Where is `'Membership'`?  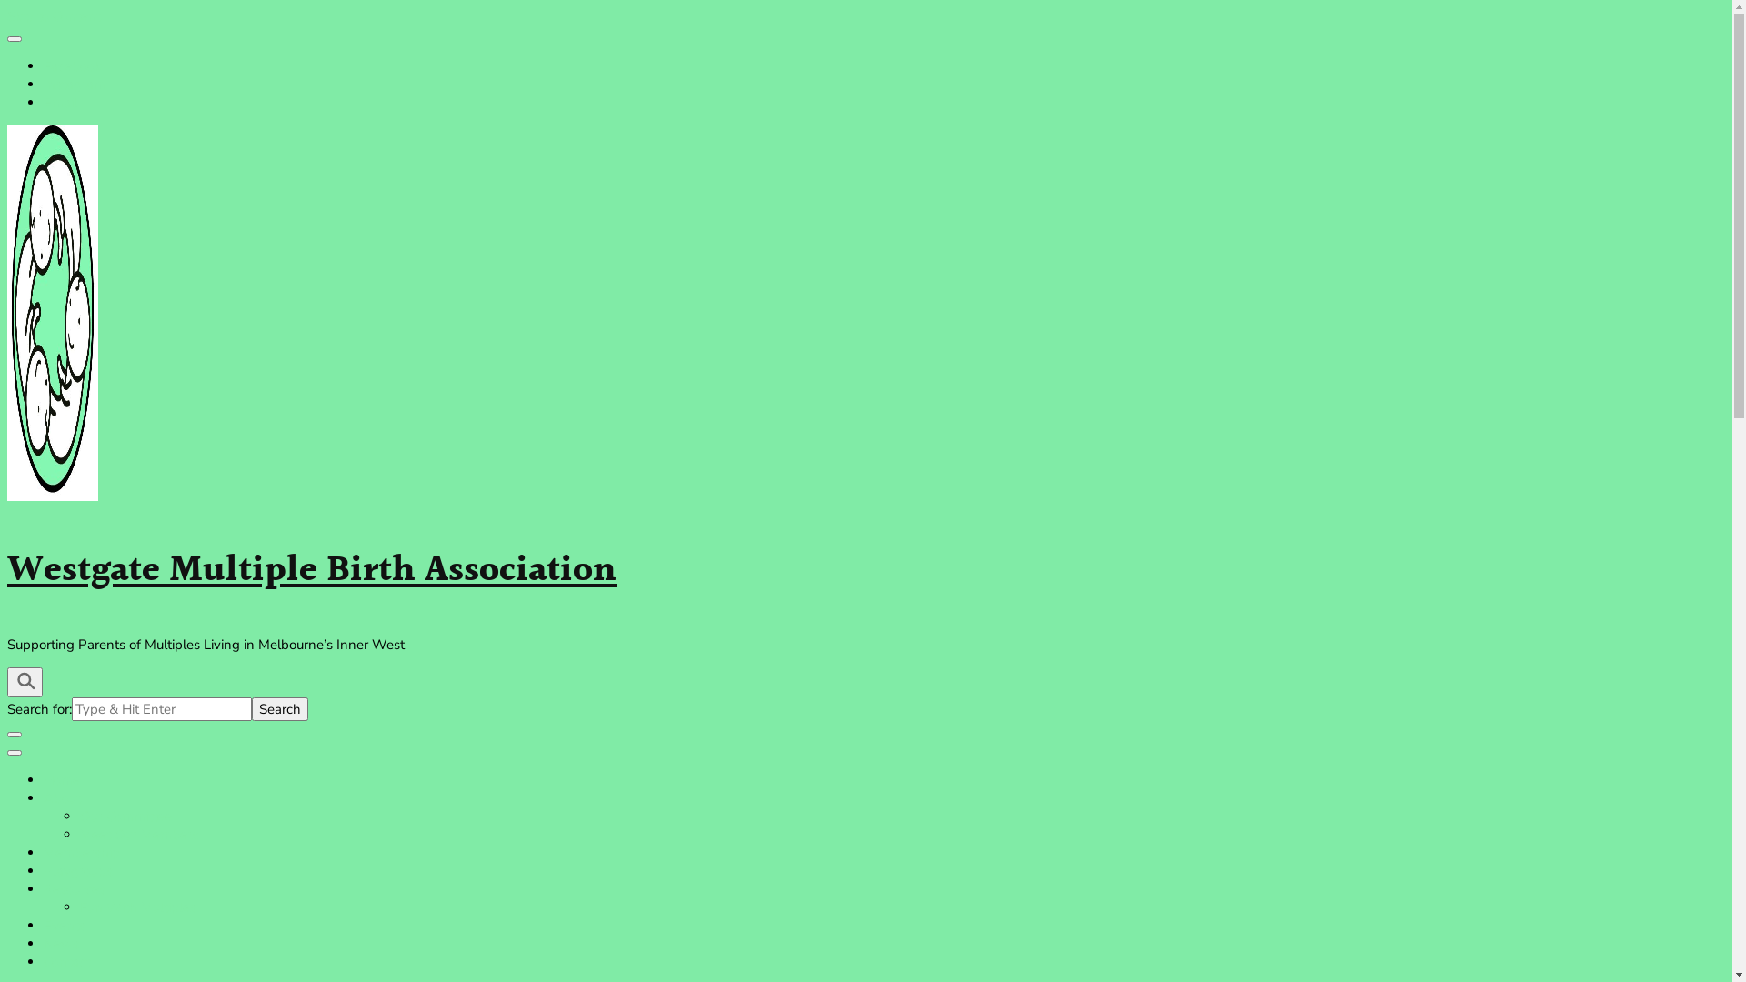
'Membership' is located at coordinates (81, 852).